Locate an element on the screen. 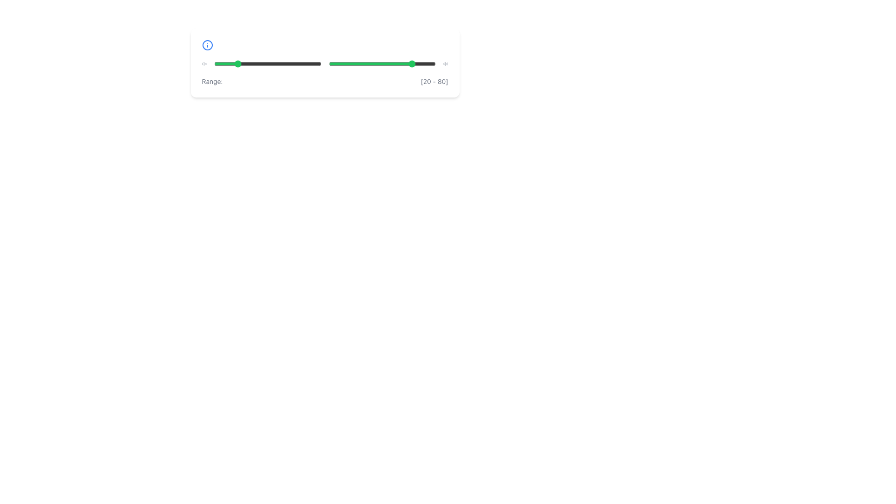 The image size is (896, 504). the slider value is located at coordinates (350, 63).